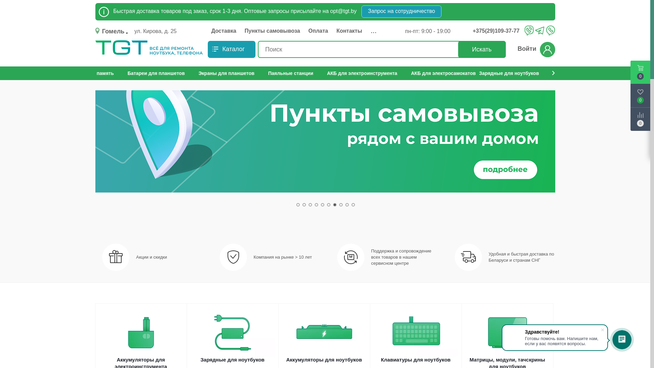  What do you see at coordinates (347, 204) in the screenshot?
I see `'9'` at bounding box center [347, 204].